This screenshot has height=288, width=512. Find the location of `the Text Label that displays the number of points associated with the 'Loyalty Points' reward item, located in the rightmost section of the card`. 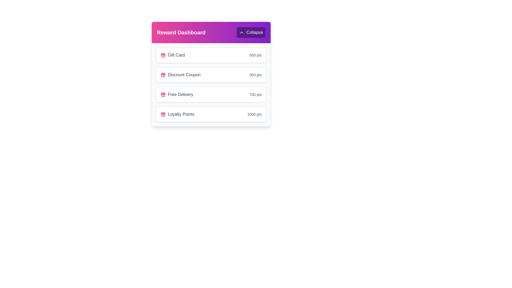

the Text Label that displays the number of points associated with the 'Loyalty Points' reward item, located in the rightmost section of the card is located at coordinates (254, 114).